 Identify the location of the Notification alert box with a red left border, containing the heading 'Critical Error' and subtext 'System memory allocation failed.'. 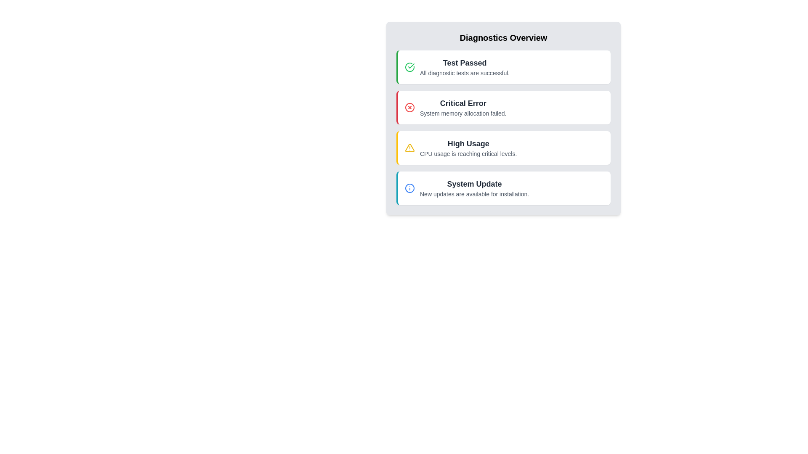
(503, 107).